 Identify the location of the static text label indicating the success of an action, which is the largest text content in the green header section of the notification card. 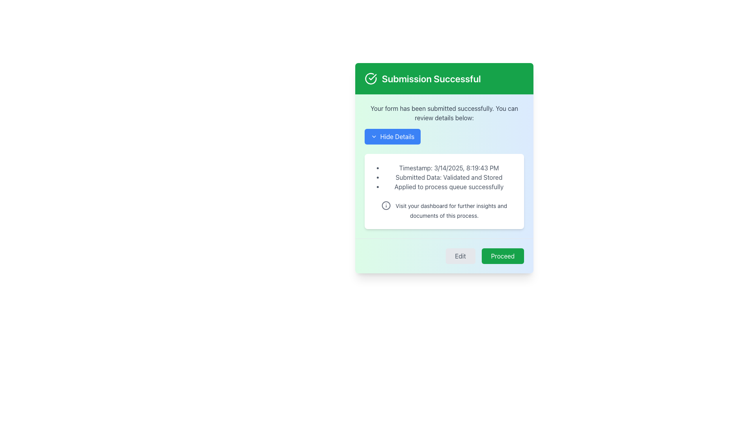
(431, 78).